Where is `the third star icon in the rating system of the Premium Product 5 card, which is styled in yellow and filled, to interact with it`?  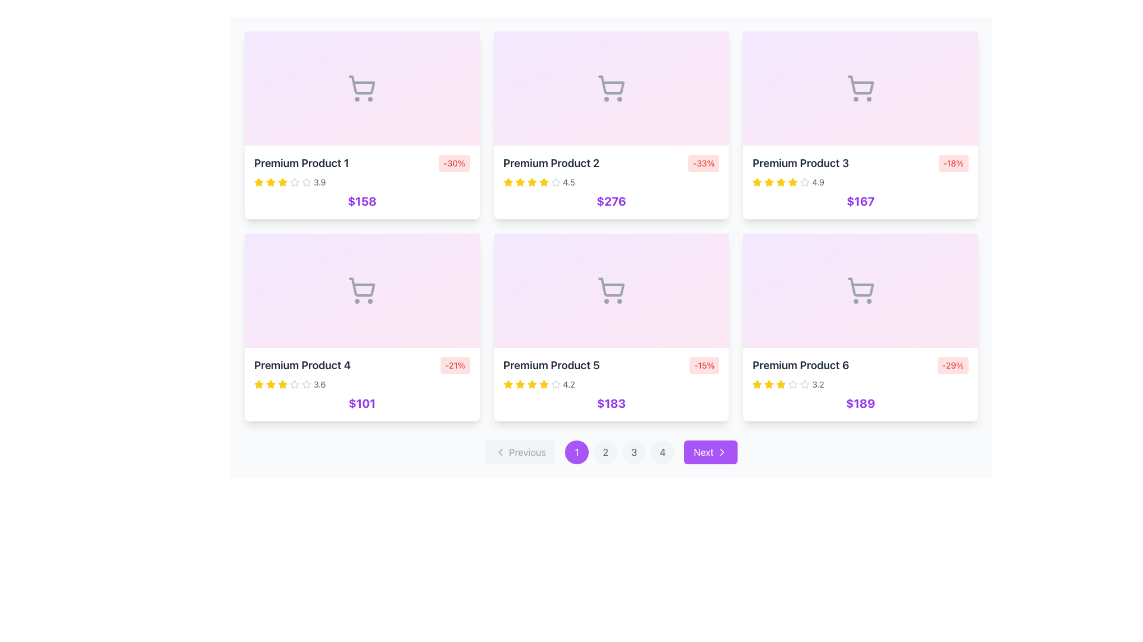 the third star icon in the rating system of the Premium Product 5 card, which is styled in yellow and filled, to interact with it is located at coordinates (520, 385).